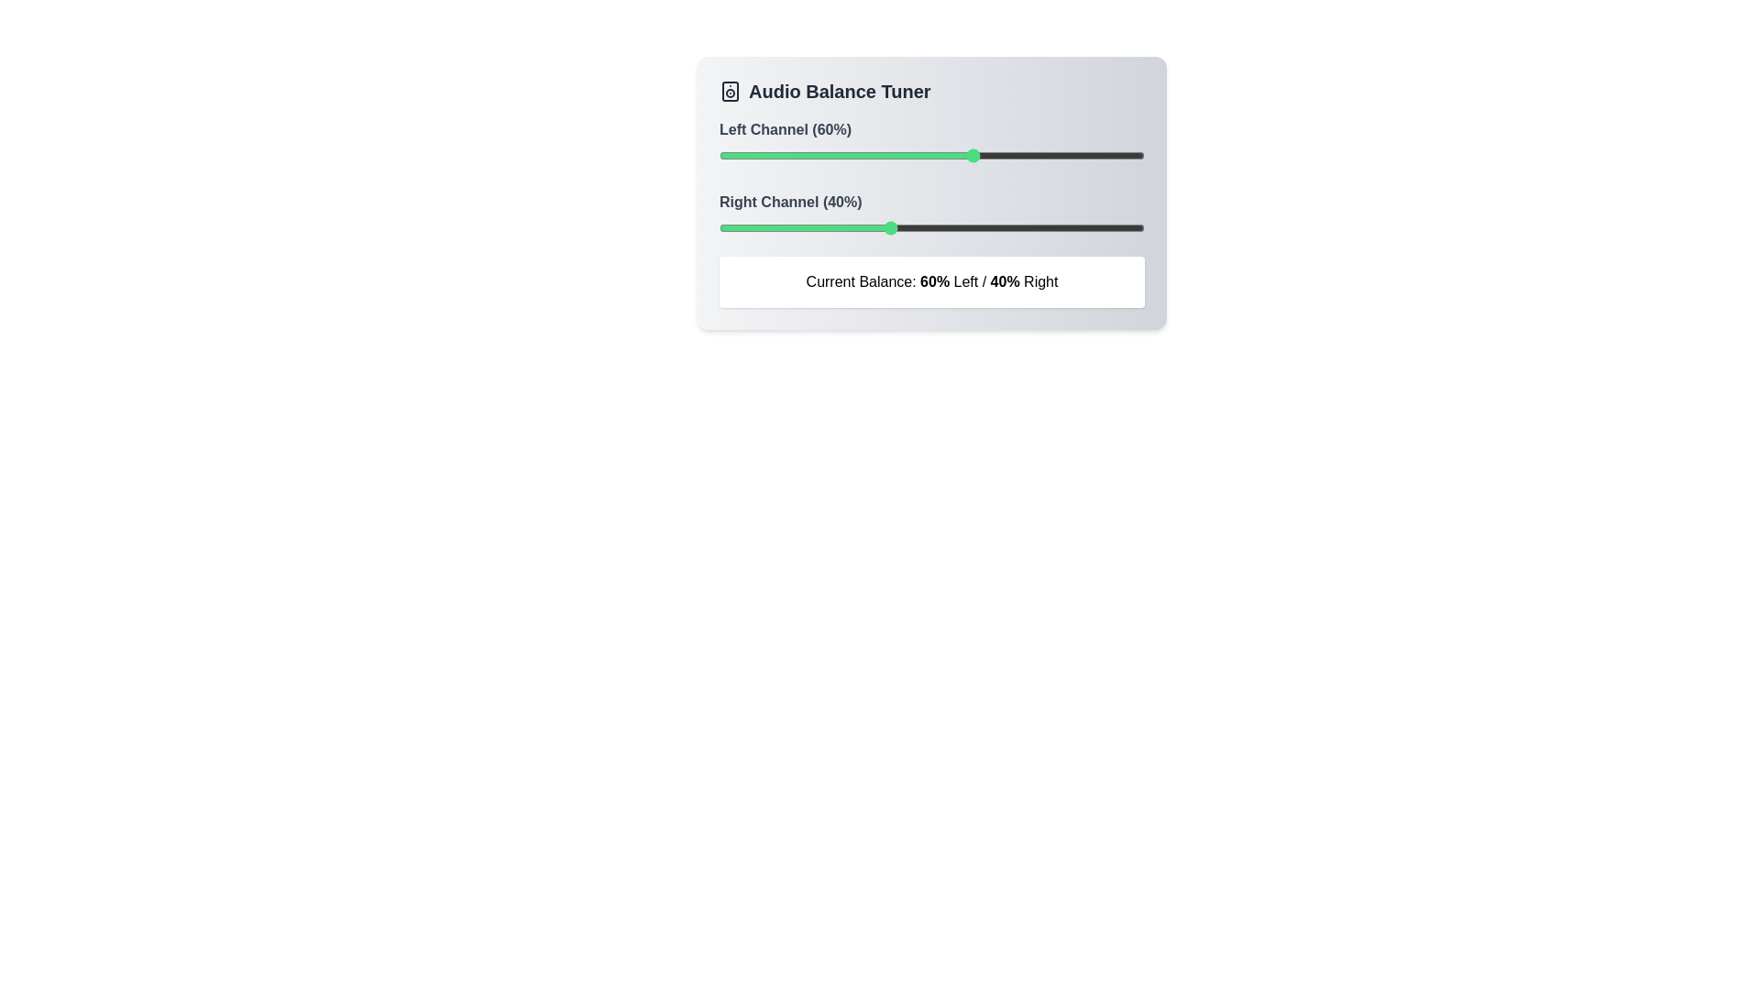  What do you see at coordinates (1139, 227) in the screenshot?
I see `the right channel balance to 99% using the slider` at bounding box center [1139, 227].